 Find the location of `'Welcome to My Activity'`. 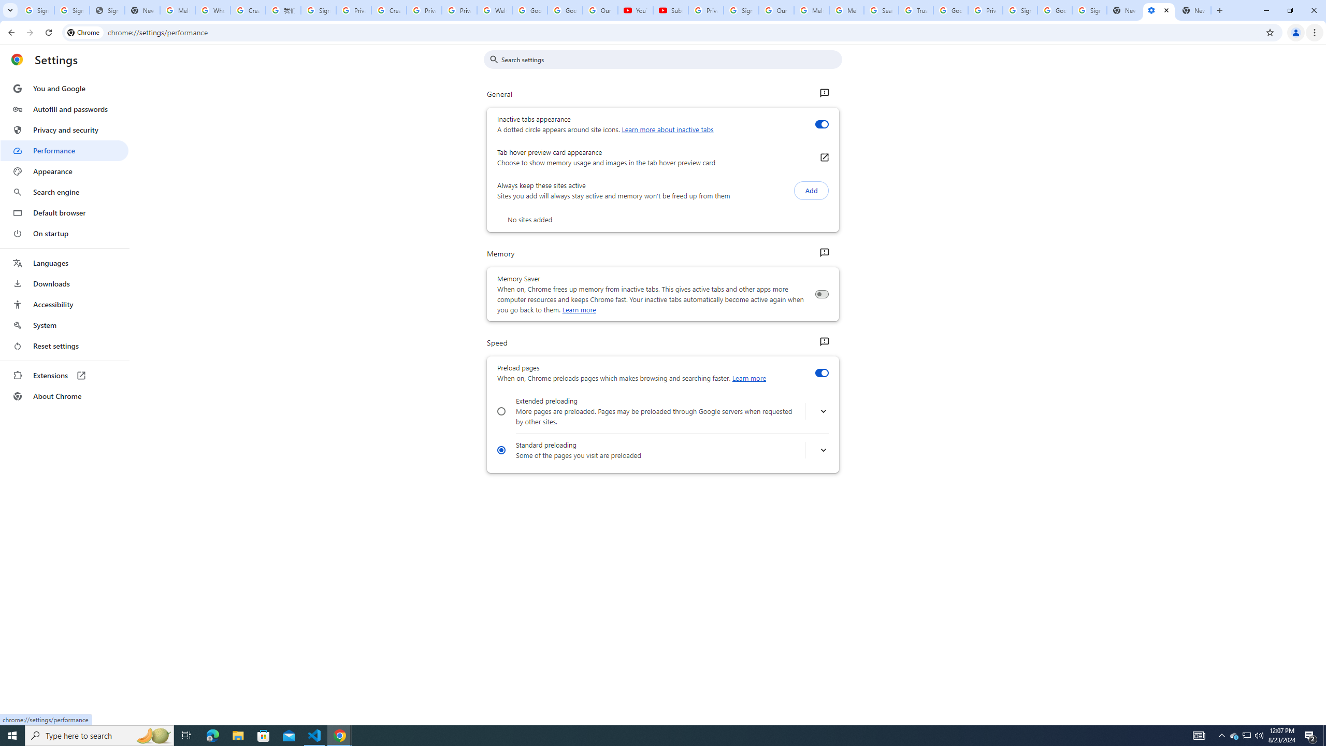

'Welcome to My Activity' is located at coordinates (494, 10).